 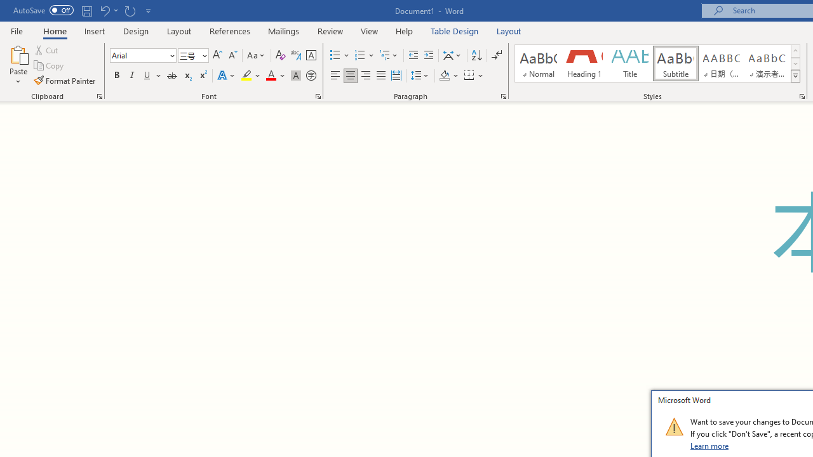 What do you see at coordinates (795, 50) in the screenshot?
I see `'Row up'` at bounding box center [795, 50].